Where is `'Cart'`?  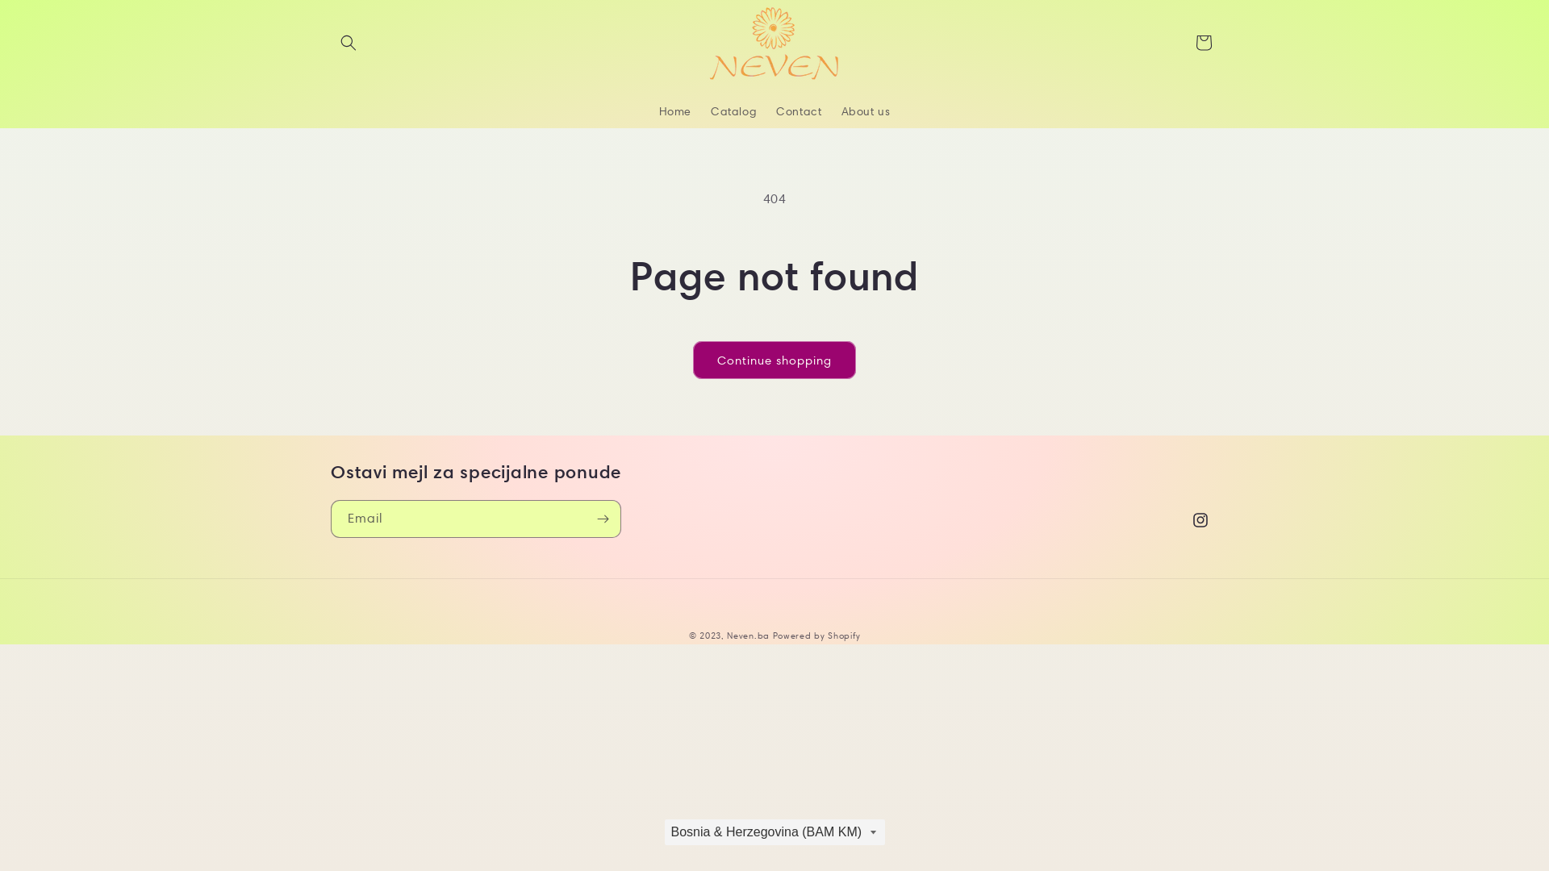 'Cart' is located at coordinates (1204, 42).